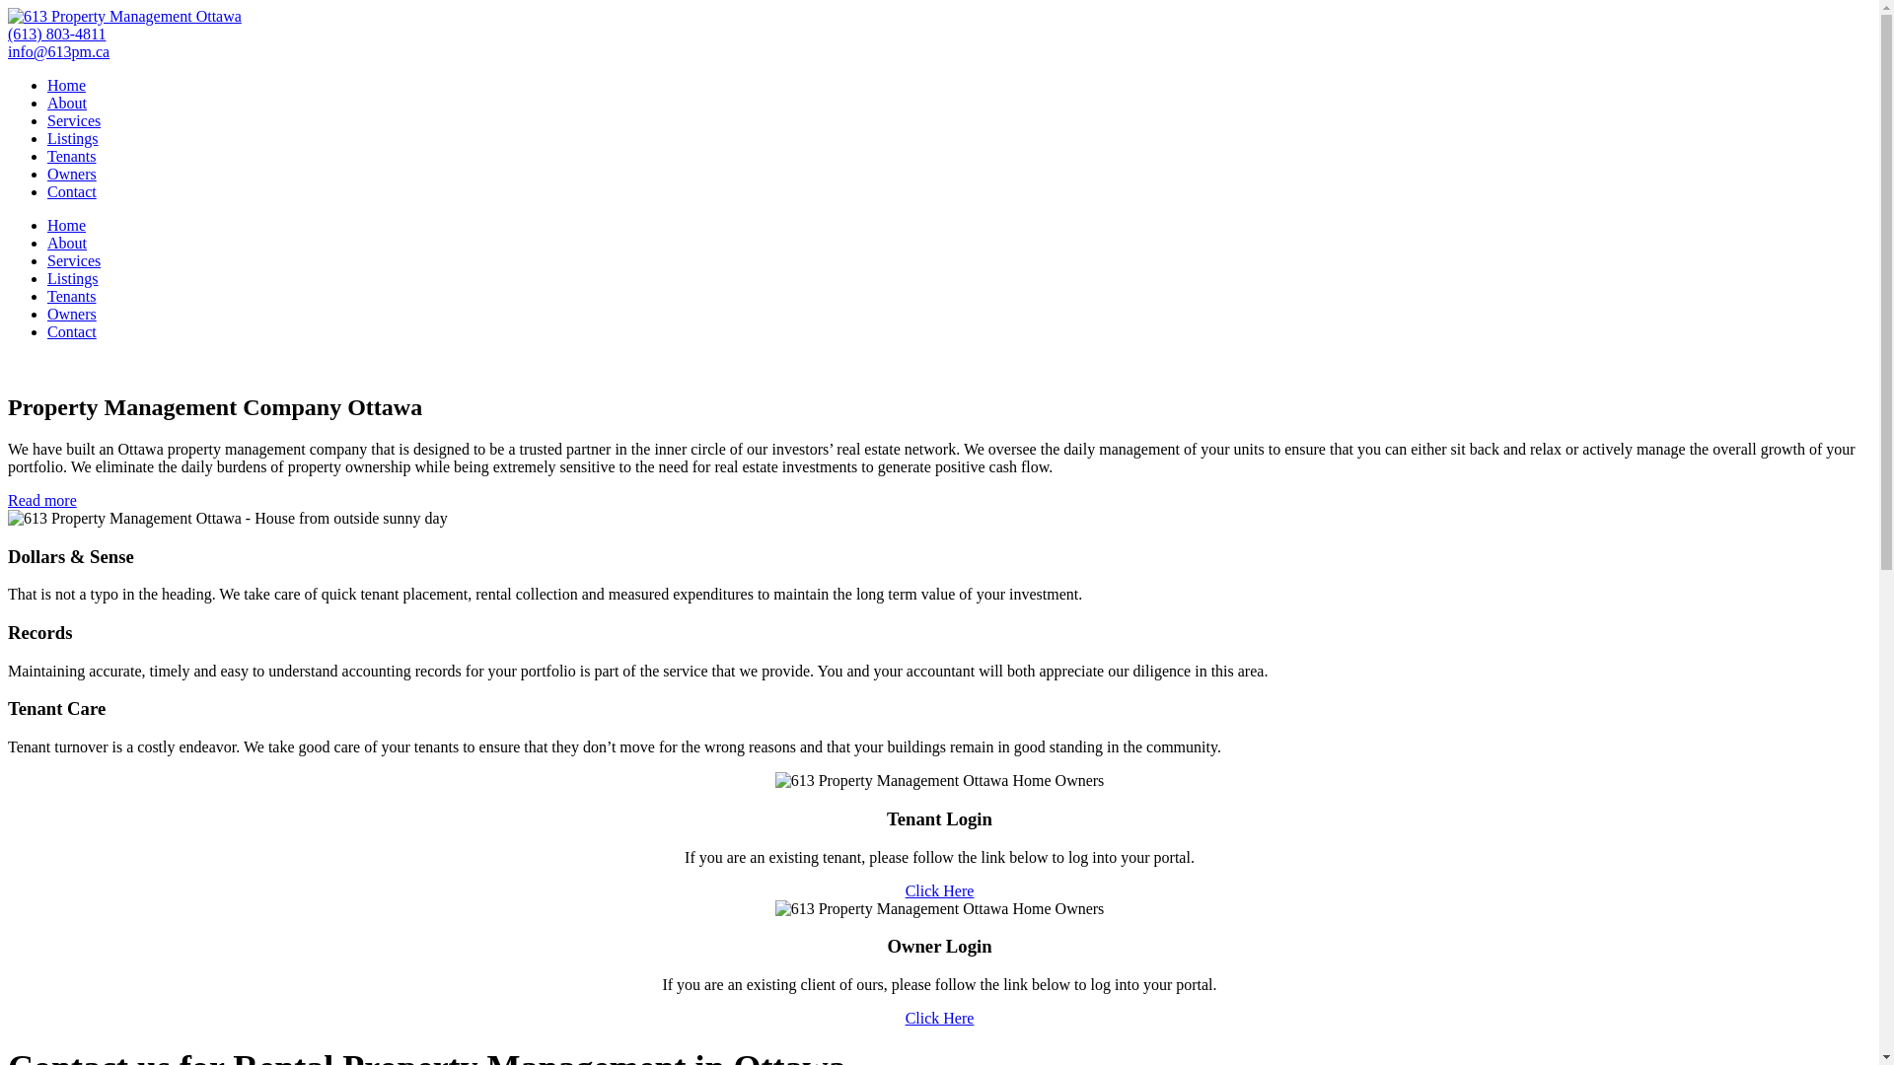 The image size is (1894, 1065). Describe the element at coordinates (939, 890) in the screenshot. I see `'Click Here'` at that location.